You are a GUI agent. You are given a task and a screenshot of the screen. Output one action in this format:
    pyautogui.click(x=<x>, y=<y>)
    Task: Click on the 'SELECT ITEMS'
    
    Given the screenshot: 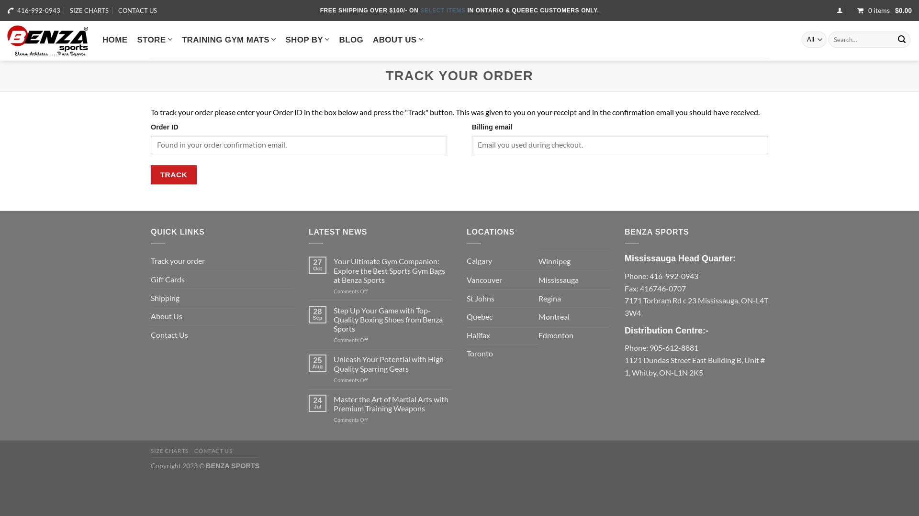 What is the action you would take?
    pyautogui.click(x=443, y=11)
    